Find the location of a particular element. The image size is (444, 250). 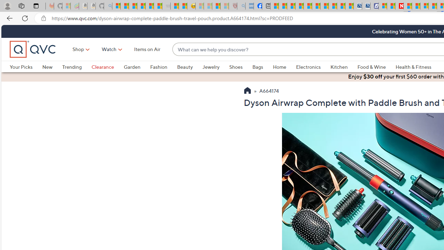

'Trending' is located at coordinates (77, 67).